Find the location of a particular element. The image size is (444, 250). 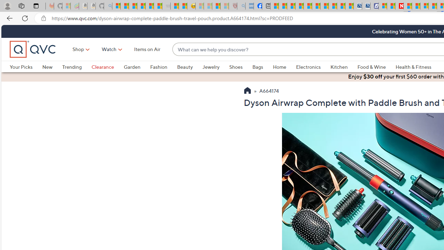

'Trending' is located at coordinates (77, 67).